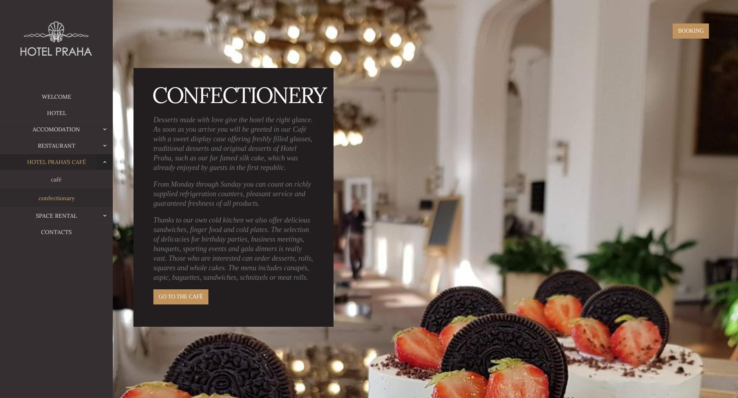 This screenshot has width=738, height=398. What do you see at coordinates (232, 143) in the screenshot?
I see `'Desserts made with love give the hotel the right glance. As soon as you arrive you will be greeted in our Café with a sweet display case offering freshly filled glasses, traditional desserts and original desserts of Hotel Praha, such as our far famed silk cake, which was already enjoyed by guests in the first republic.'` at bounding box center [232, 143].